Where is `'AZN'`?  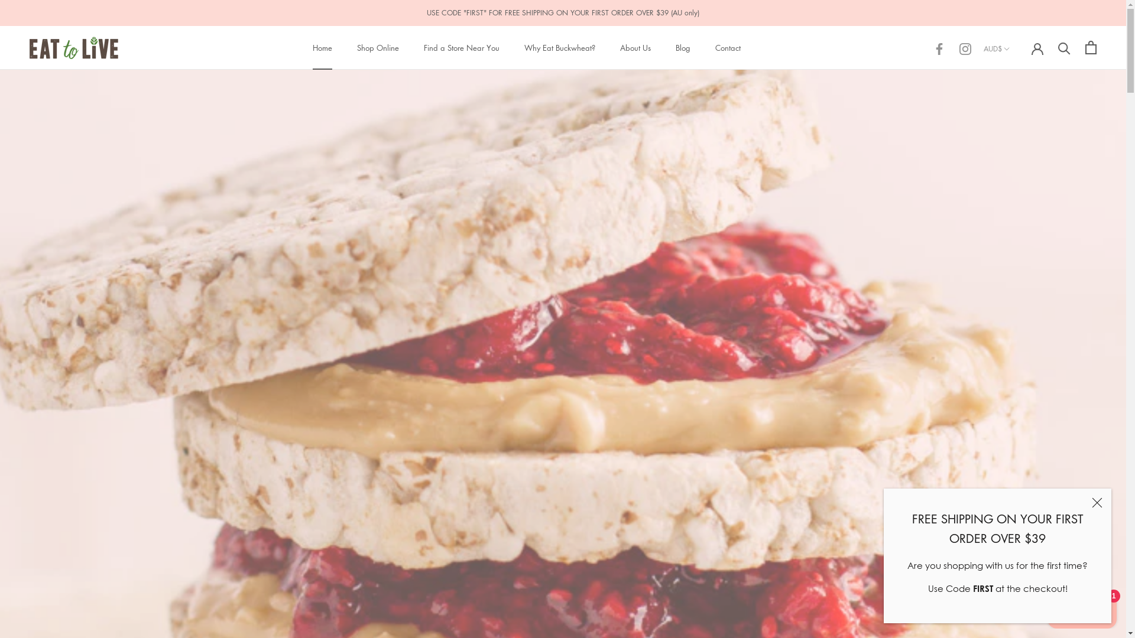
'AZN' is located at coordinates (1018, 197).